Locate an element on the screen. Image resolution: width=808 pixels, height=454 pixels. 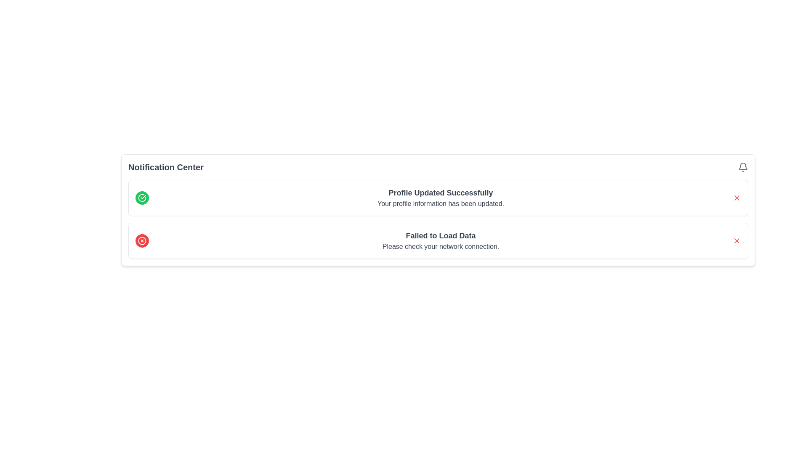
text label that serves as a message headline indicating a failure in data loading, located in the Notification Center above the line 'Please check your network connection.' is located at coordinates (440, 235).